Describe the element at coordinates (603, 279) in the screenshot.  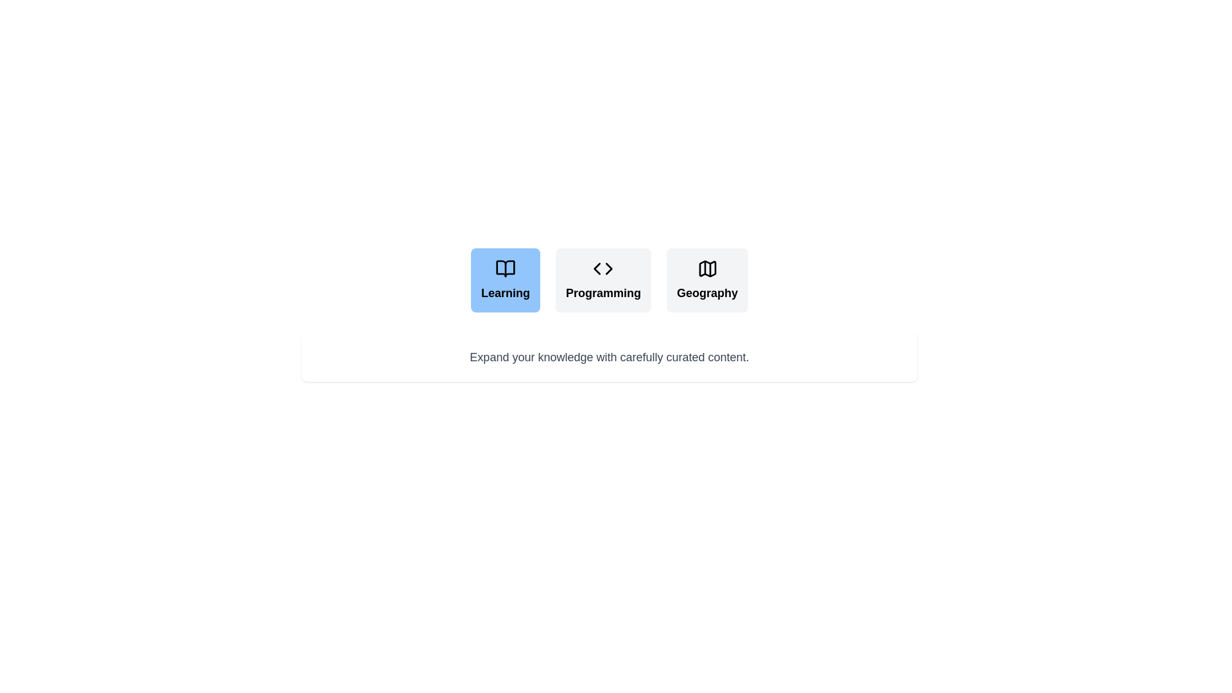
I see `the Programming tab to observe its hover effect` at that location.